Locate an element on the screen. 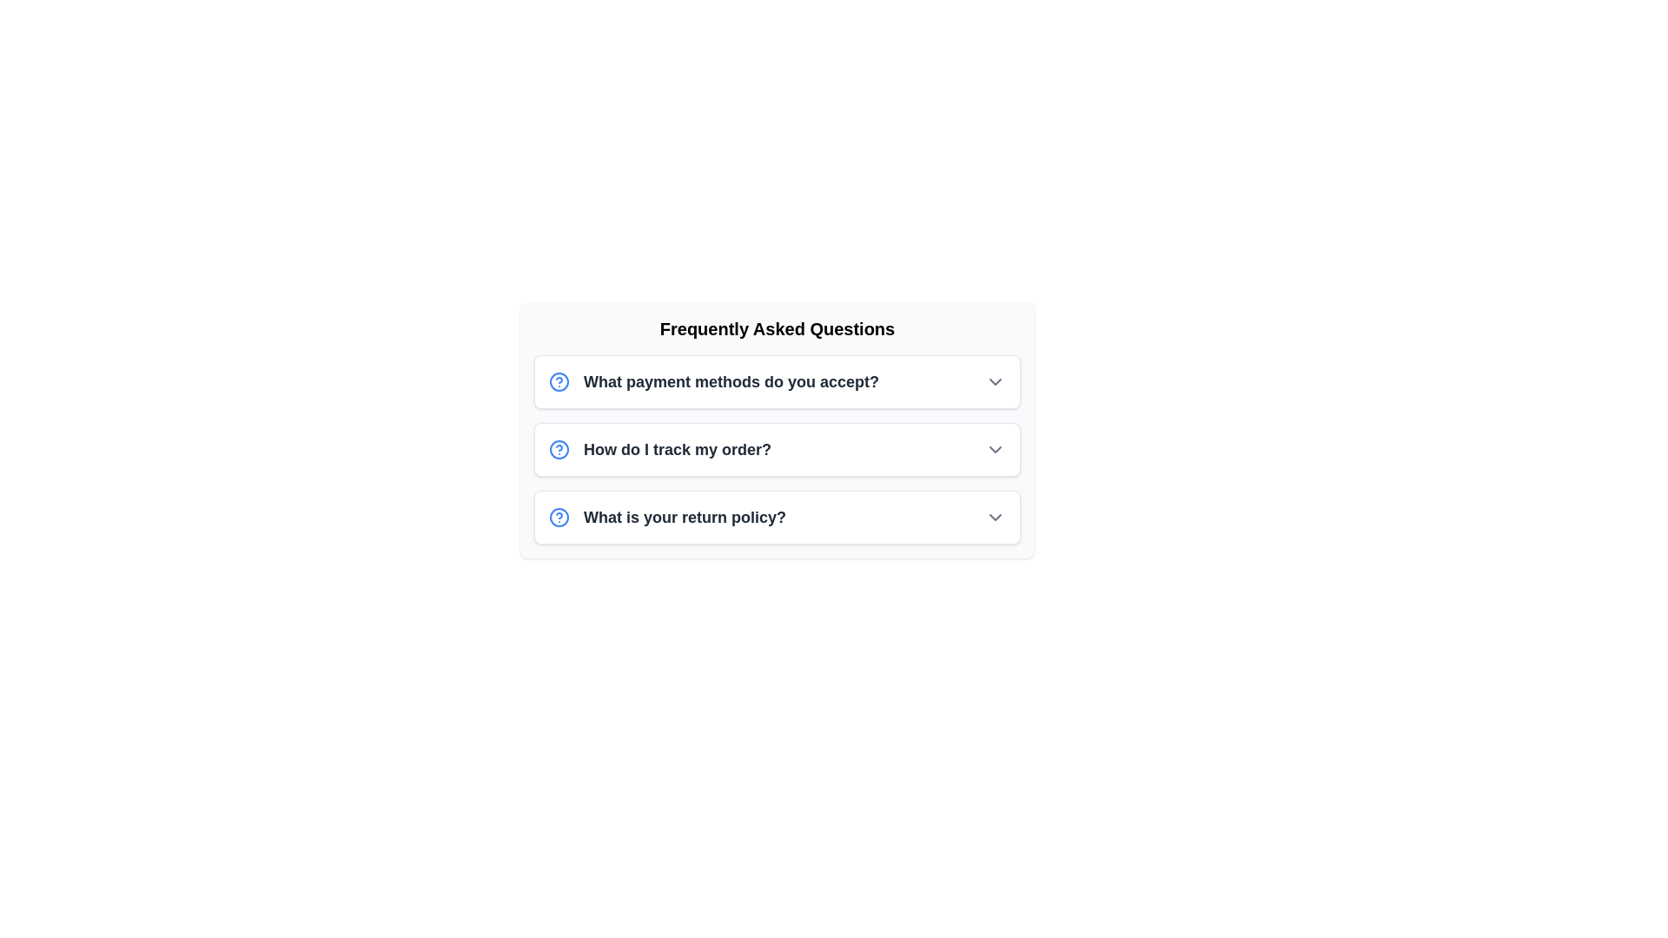 The width and height of the screenshot is (1668, 938). the help icon related to the question 'What payment methods do you accept?', which is positioned to the far left of the corresponding text label is located at coordinates (559, 380).